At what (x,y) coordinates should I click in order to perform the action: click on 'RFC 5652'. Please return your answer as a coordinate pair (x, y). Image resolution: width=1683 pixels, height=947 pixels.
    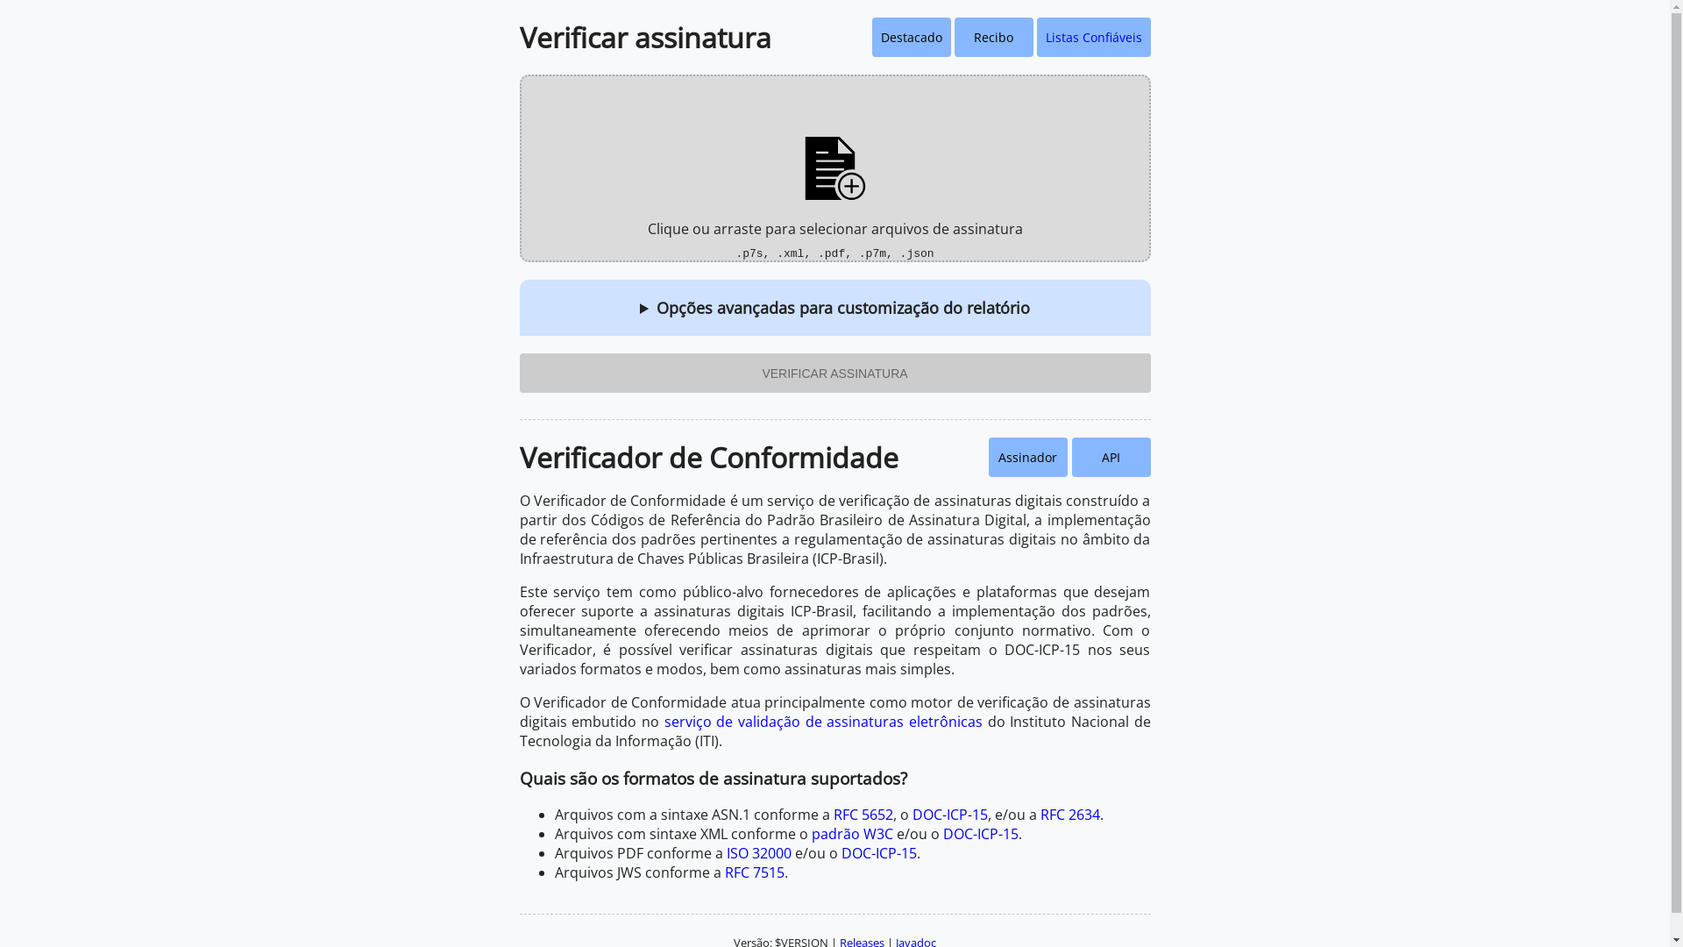
    Looking at the image, I should click on (862, 815).